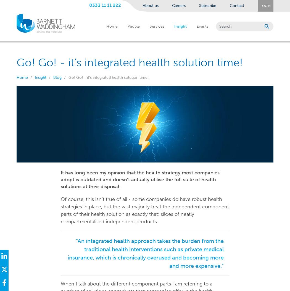  Describe the element at coordinates (151, 6) in the screenshot. I see `'About us'` at that location.